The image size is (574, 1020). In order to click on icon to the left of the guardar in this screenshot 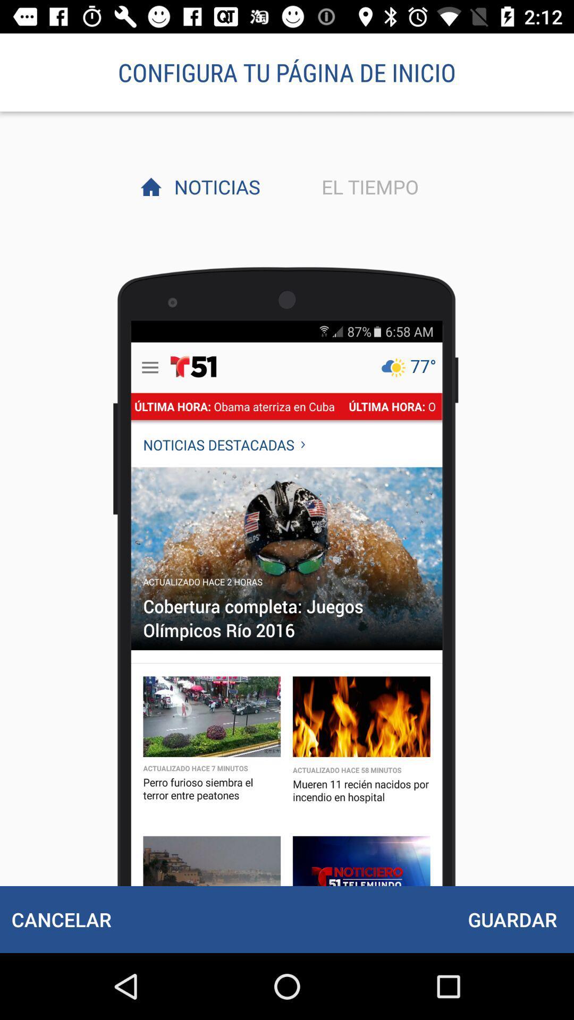, I will do `click(61, 919)`.